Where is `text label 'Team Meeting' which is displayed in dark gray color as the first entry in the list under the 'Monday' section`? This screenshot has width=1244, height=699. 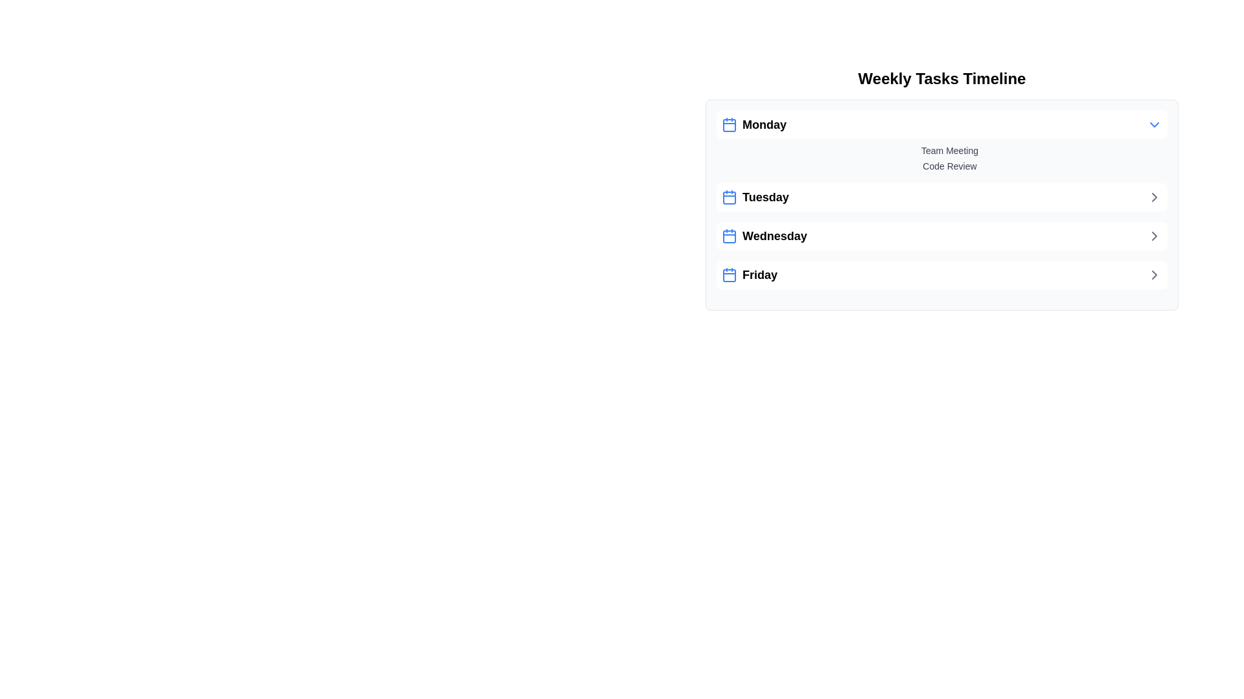 text label 'Team Meeting' which is displayed in dark gray color as the first entry in the list under the 'Monday' section is located at coordinates (949, 150).